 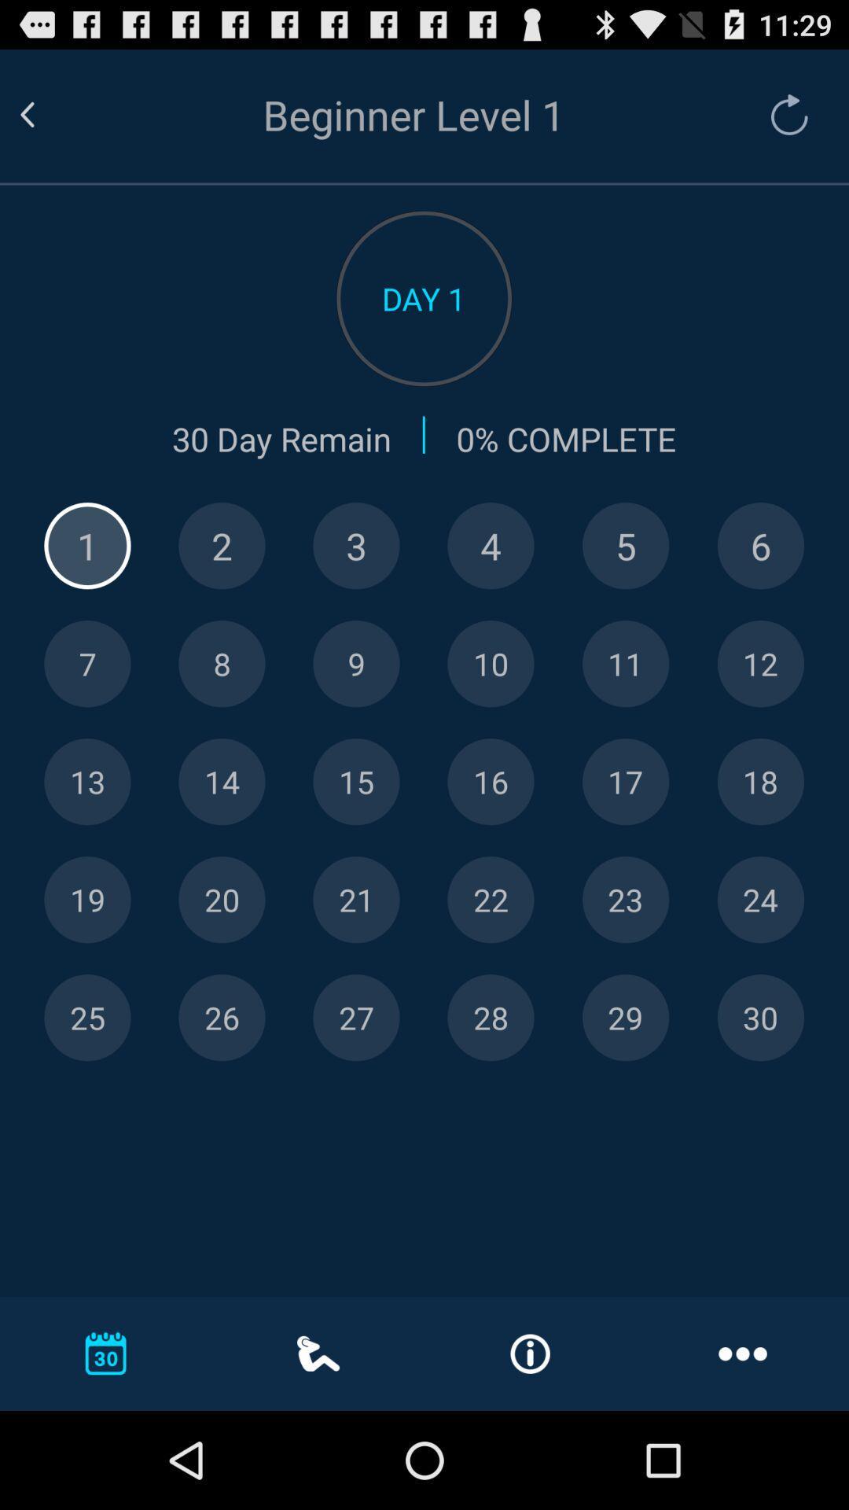 What do you see at coordinates (490, 664) in the screenshot?
I see `goes to the day displayed` at bounding box center [490, 664].